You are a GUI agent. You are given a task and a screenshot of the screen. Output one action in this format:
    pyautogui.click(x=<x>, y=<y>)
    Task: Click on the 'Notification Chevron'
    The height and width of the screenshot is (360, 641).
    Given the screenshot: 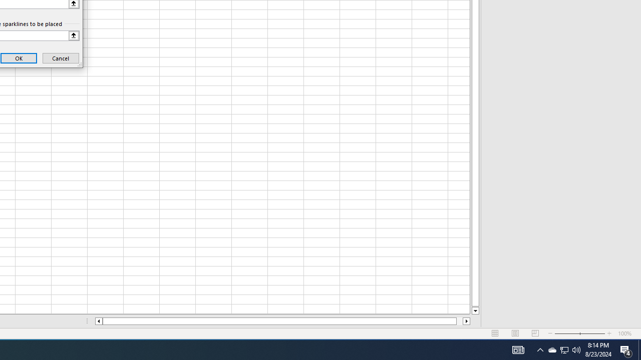 What is the action you would take?
    pyautogui.click(x=540, y=349)
    